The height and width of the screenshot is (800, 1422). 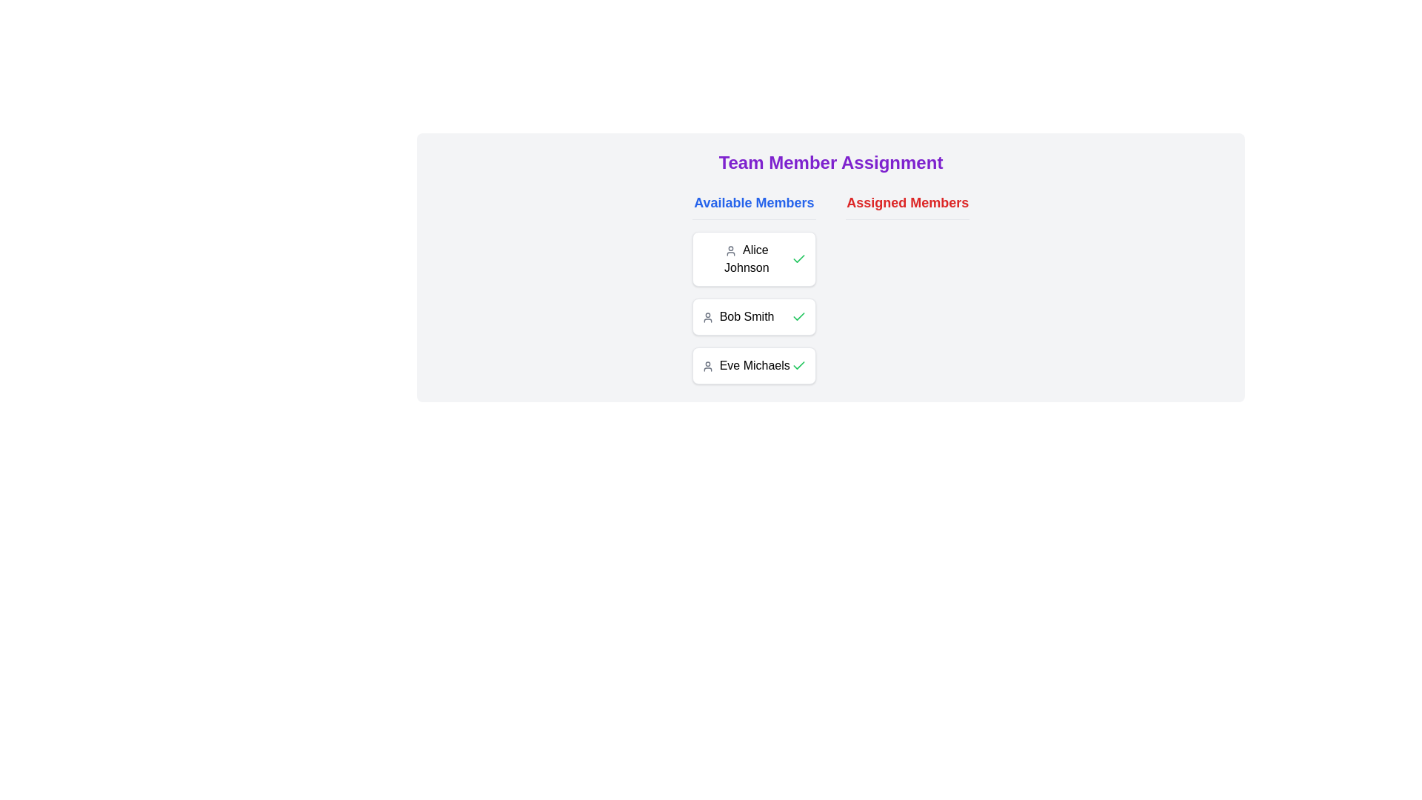 What do you see at coordinates (798, 365) in the screenshot?
I see `the green checkmark icon located in the rightmost part of the user card for 'Eve Michaels' to confirm or select` at bounding box center [798, 365].